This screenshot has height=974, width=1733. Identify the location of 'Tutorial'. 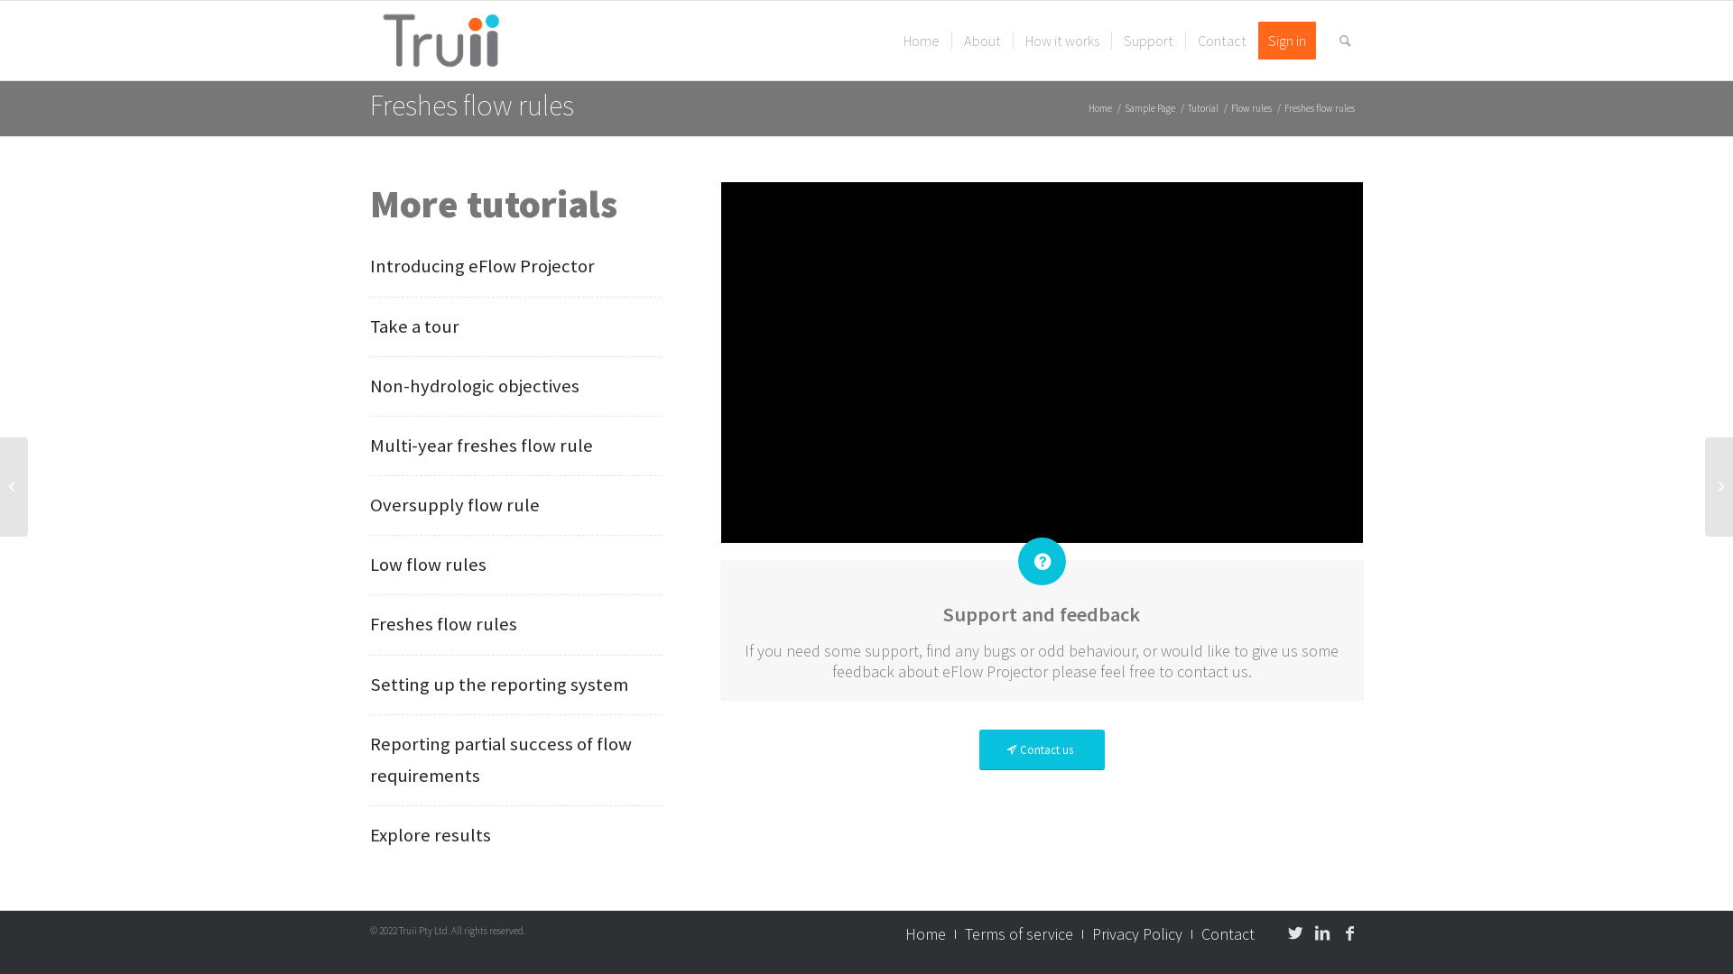
(1185, 108).